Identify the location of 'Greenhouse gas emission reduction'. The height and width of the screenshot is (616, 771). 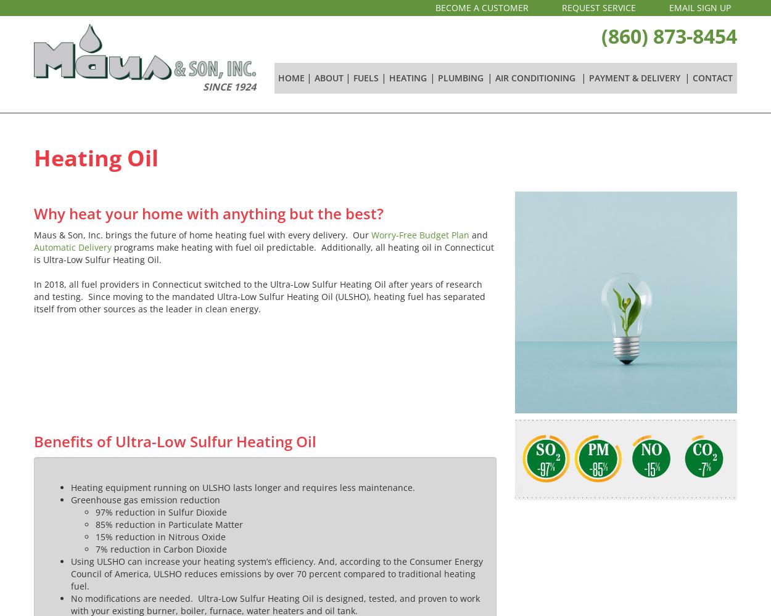
(145, 500).